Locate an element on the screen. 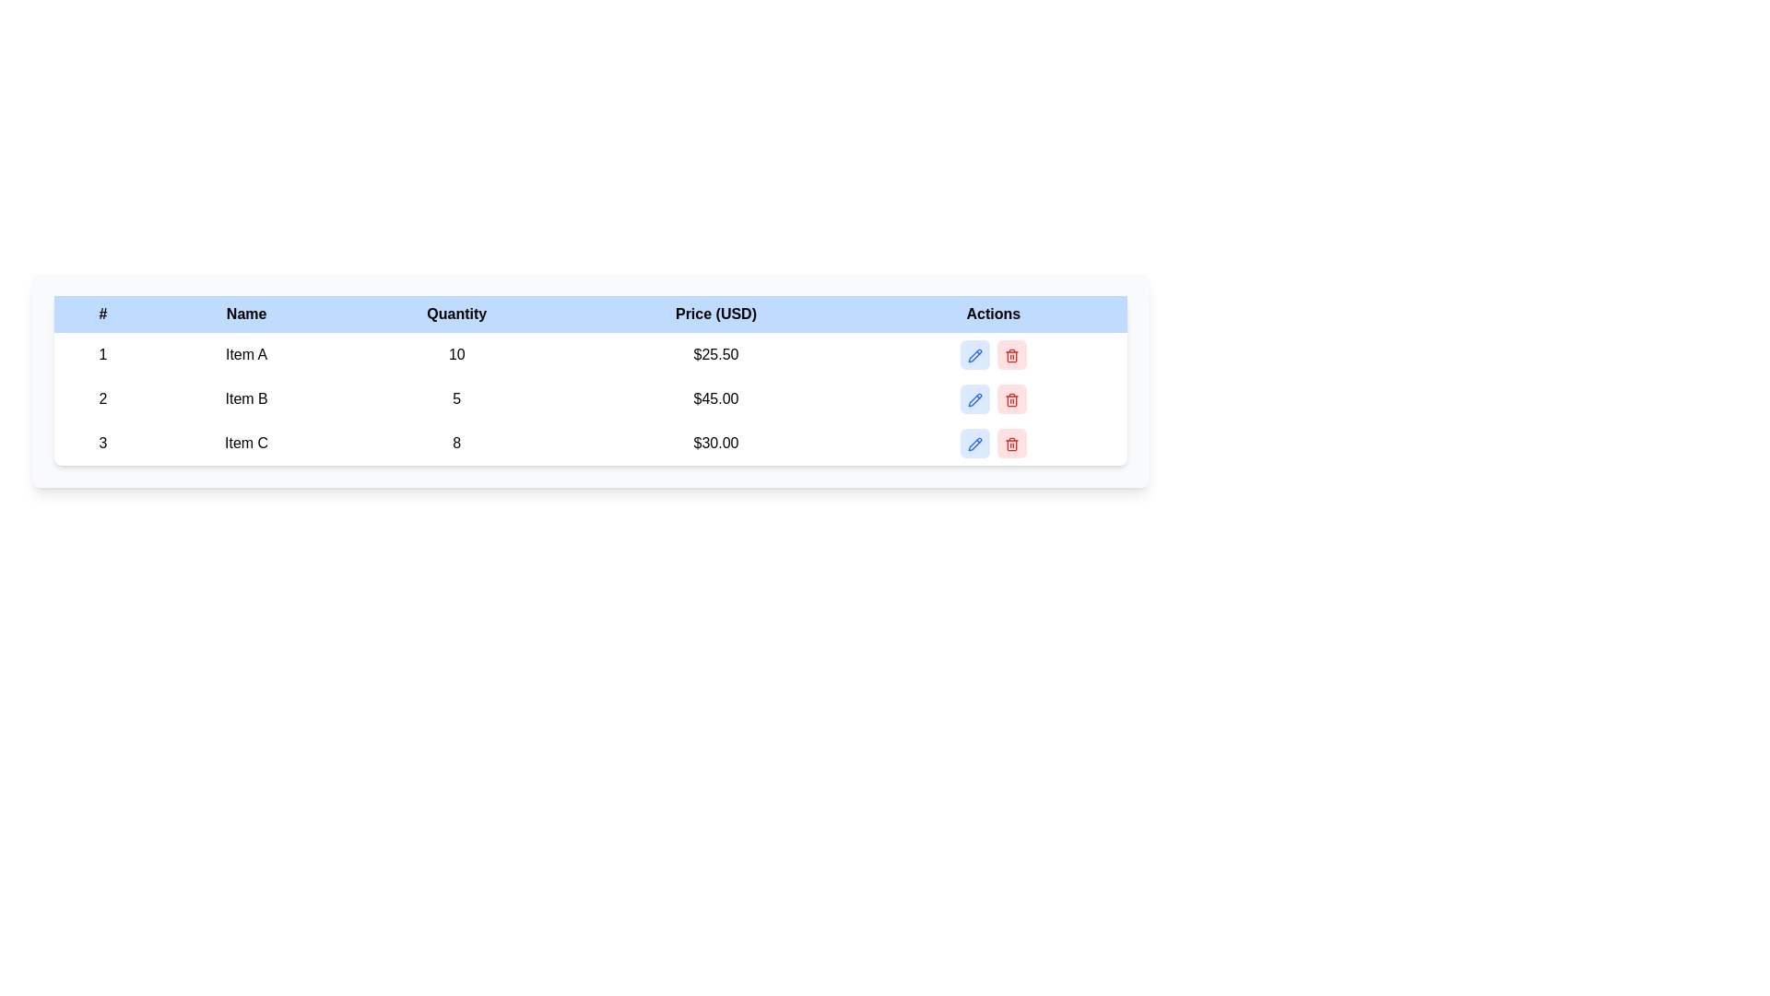  the delete button located is located at coordinates (1010, 355).